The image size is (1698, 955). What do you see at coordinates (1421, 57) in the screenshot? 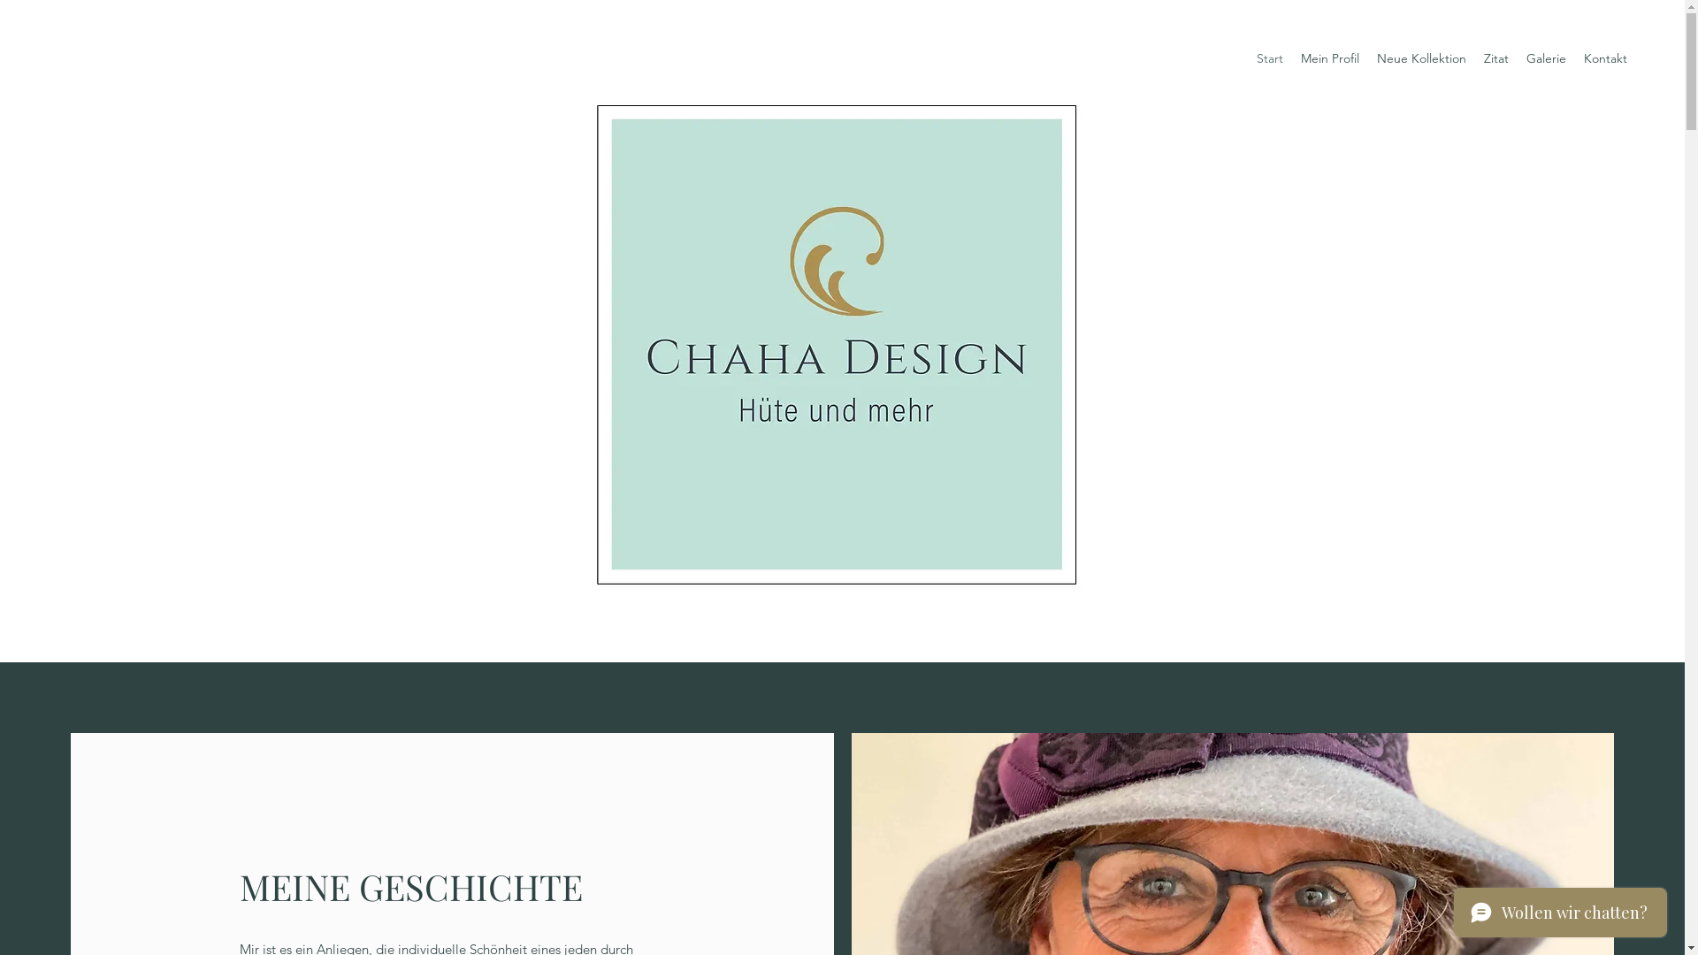
I see `'Neue Kollektion'` at bounding box center [1421, 57].